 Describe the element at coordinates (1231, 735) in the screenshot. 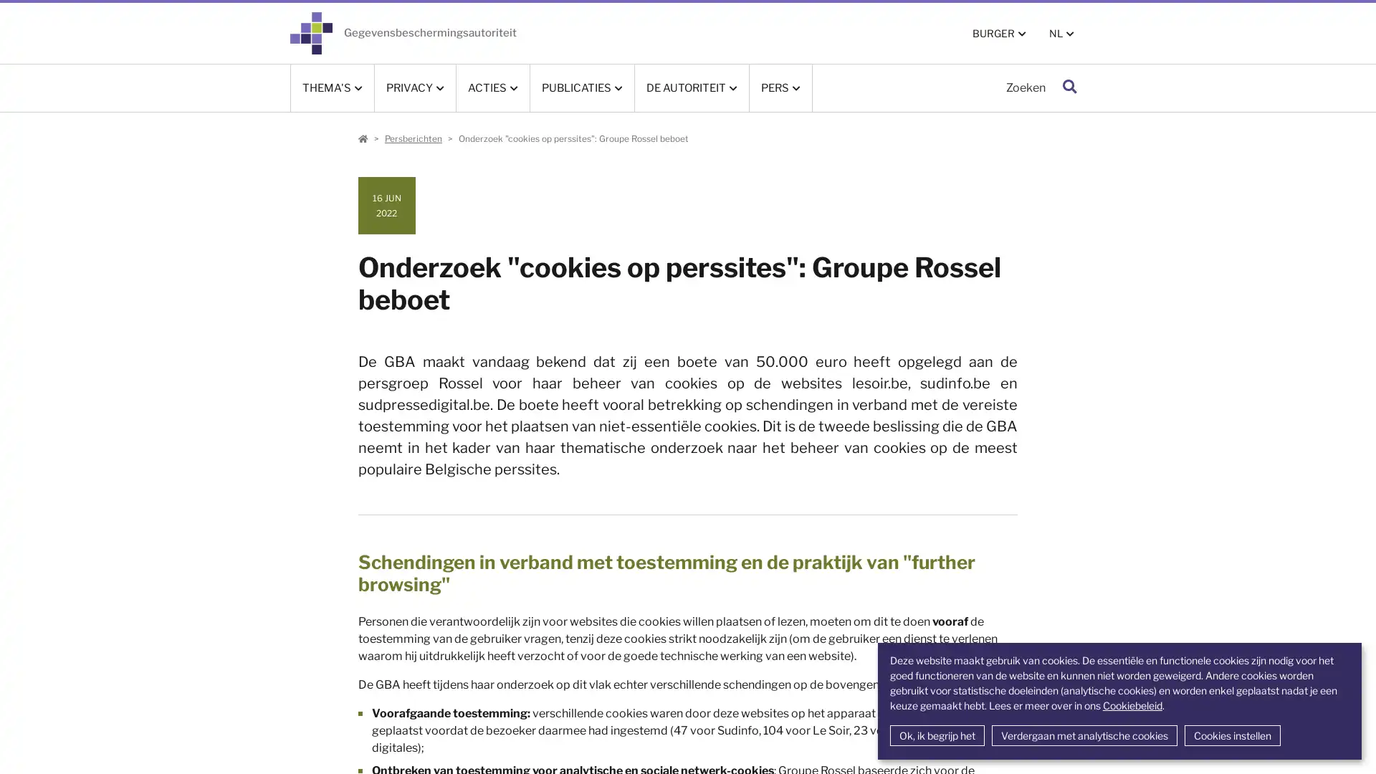

I see `Cookies instellen` at that location.